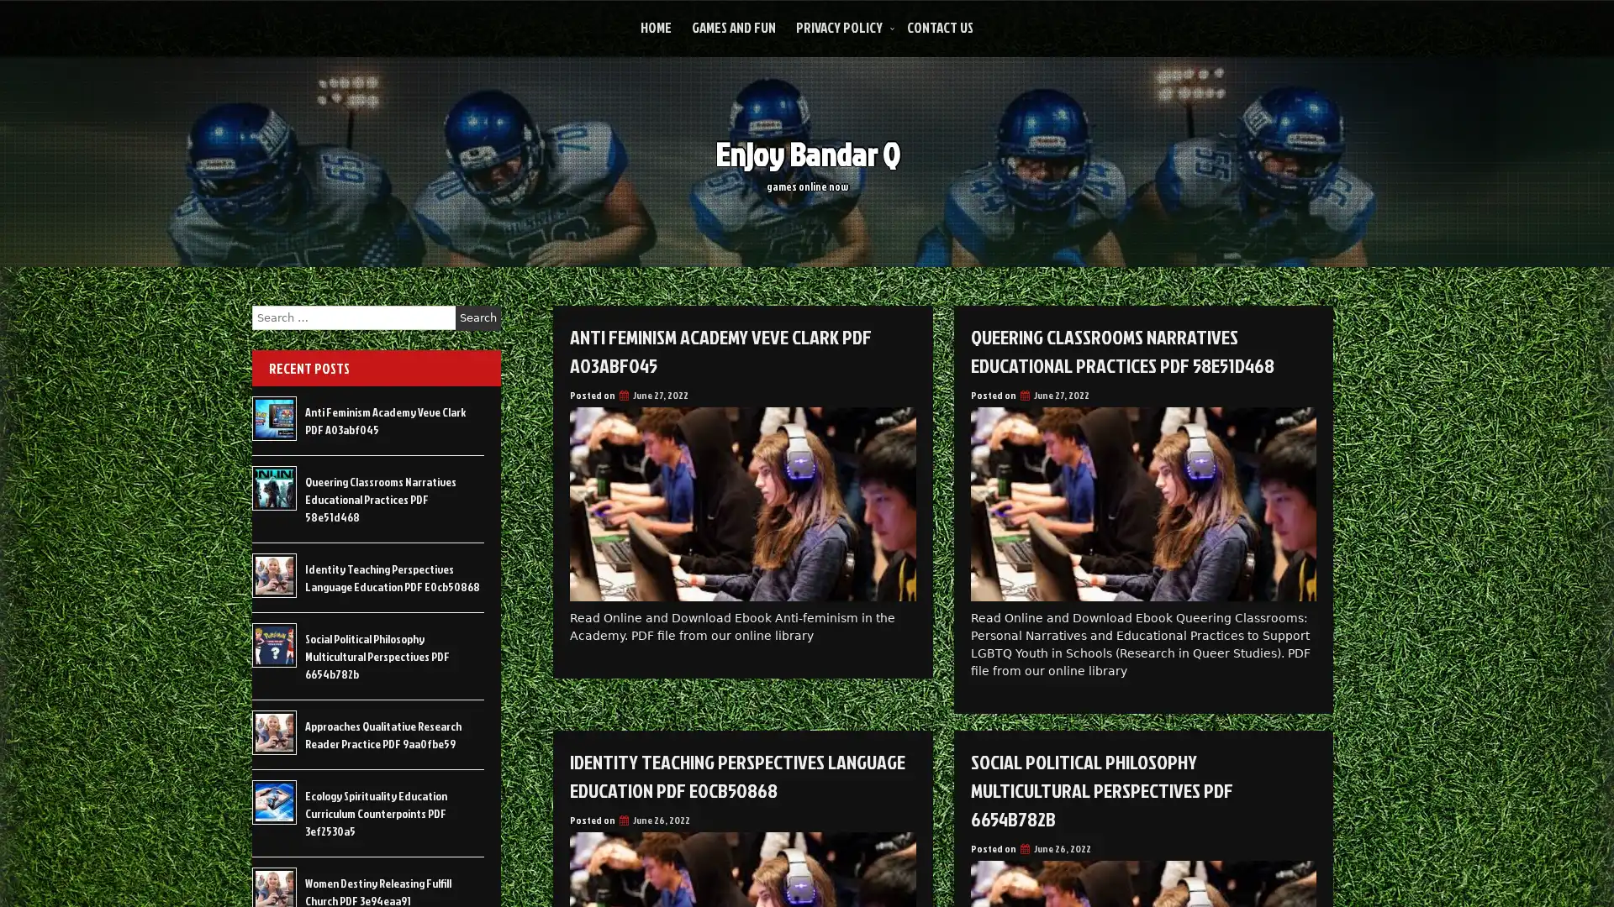  What do you see at coordinates (477, 317) in the screenshot?
I see `Search` at bounding box center [477, 317].